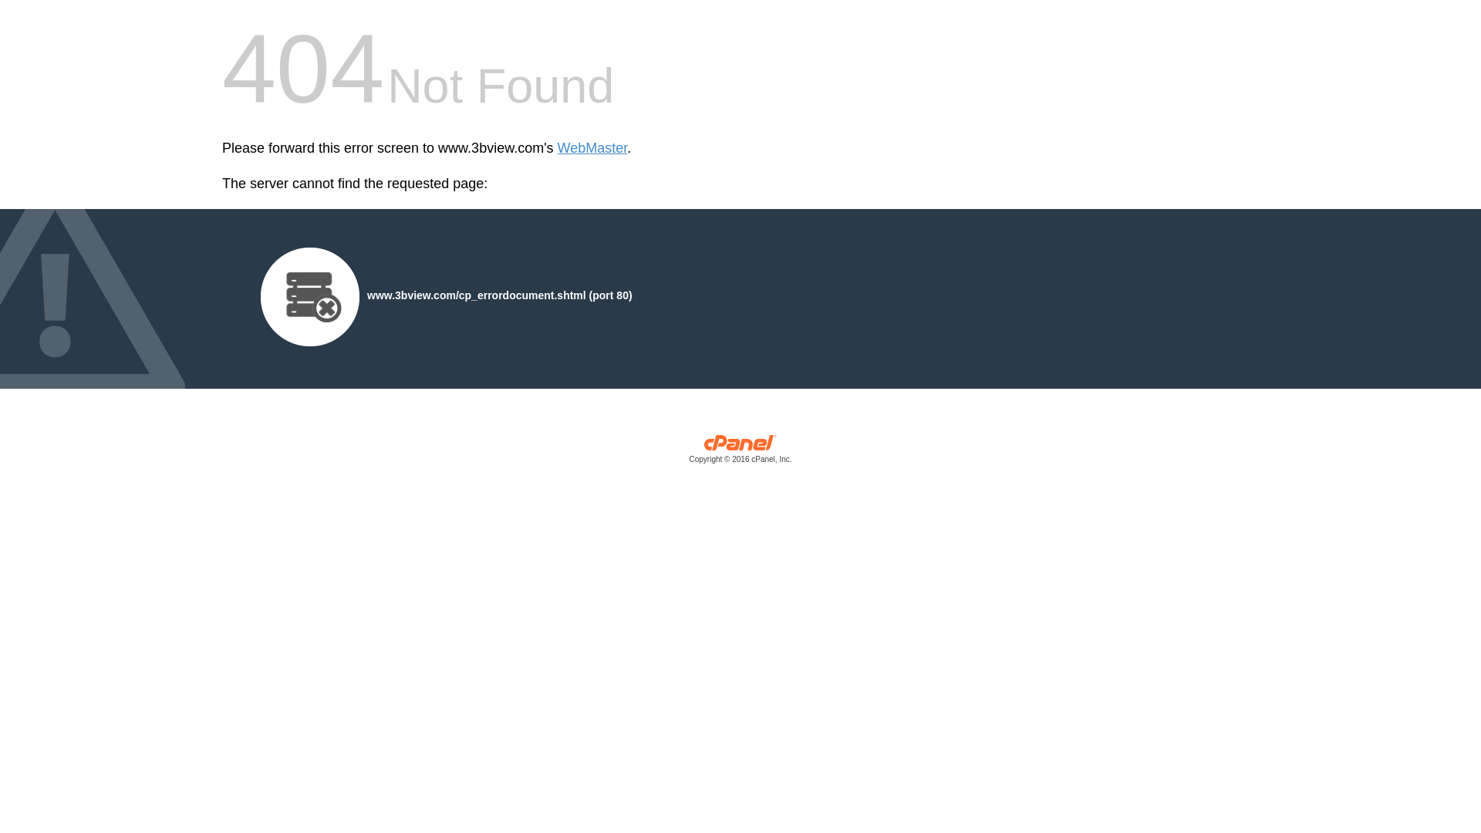  I want to click on 'WebMaster', so click(592, 148).